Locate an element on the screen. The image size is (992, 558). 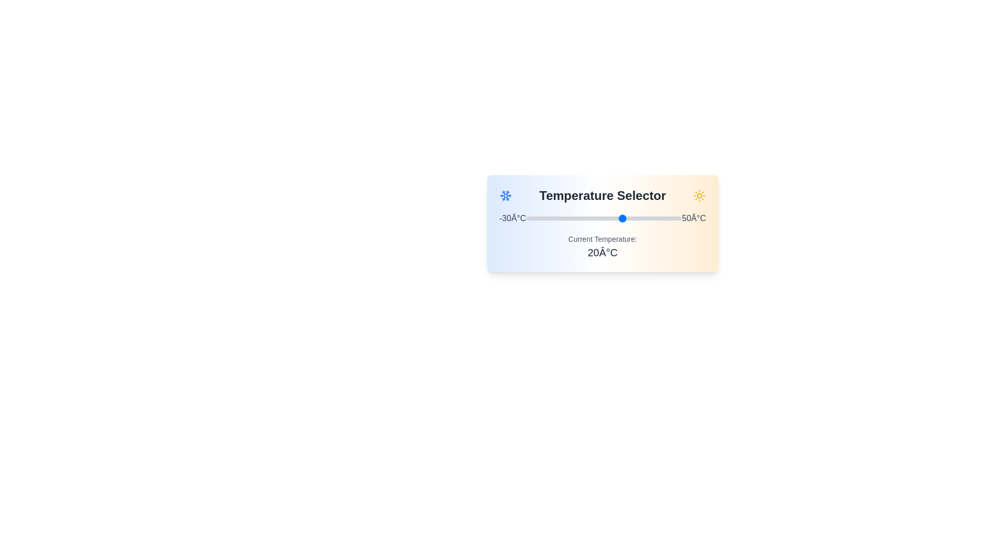
displayed current temperature from the Temperature Selector slider, which shows '20°C' in bold font at the bottom of the slider interface is located at coordinates (602, 223).